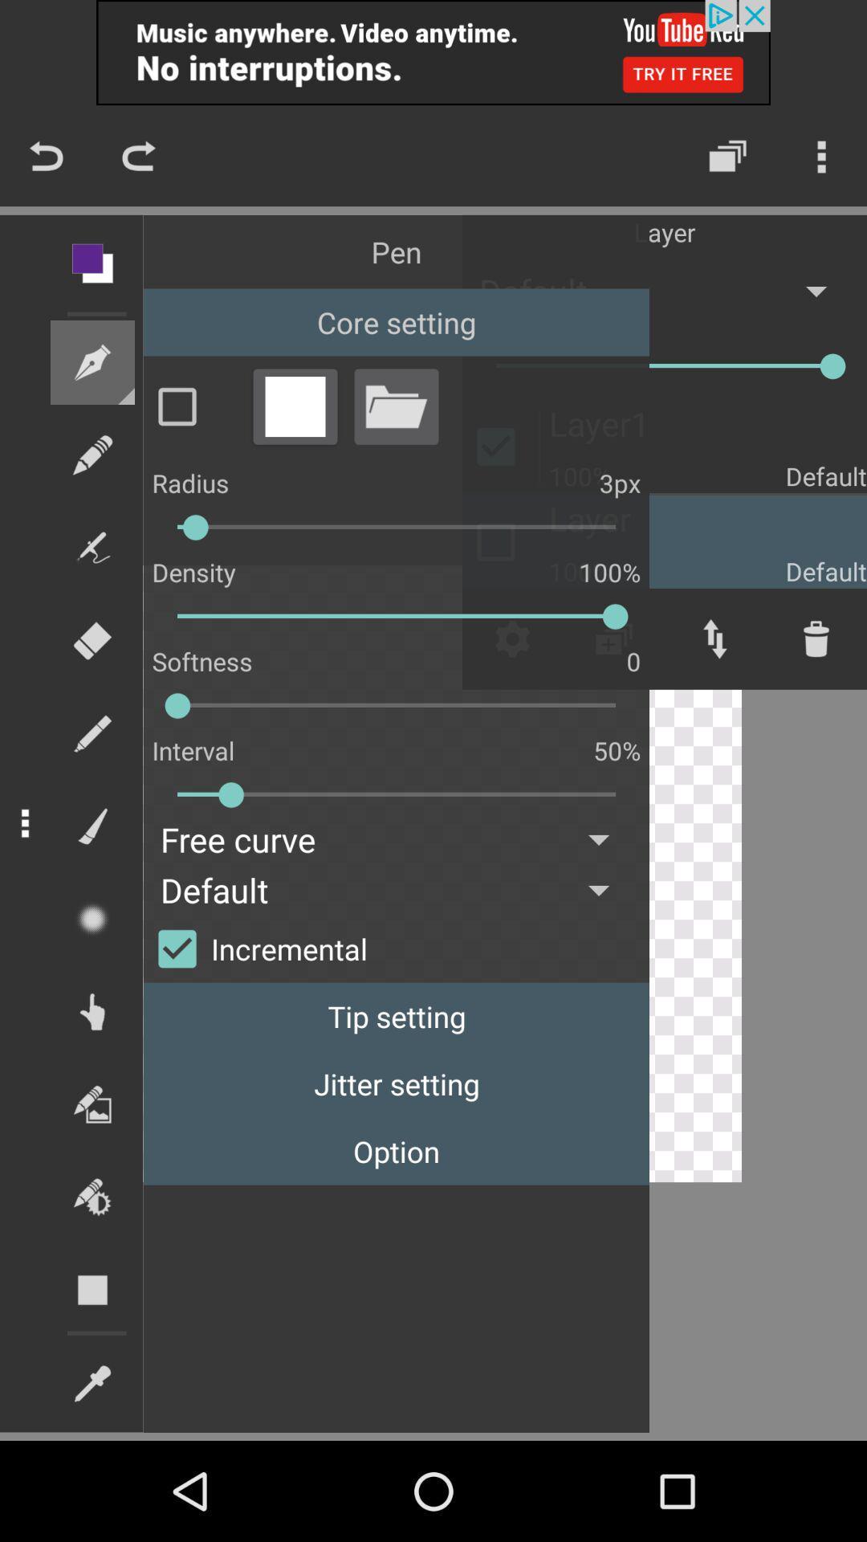  What do you see at coordinates (295, 406) in the screenshot?
I see `options` at bounding box center [295, 406].